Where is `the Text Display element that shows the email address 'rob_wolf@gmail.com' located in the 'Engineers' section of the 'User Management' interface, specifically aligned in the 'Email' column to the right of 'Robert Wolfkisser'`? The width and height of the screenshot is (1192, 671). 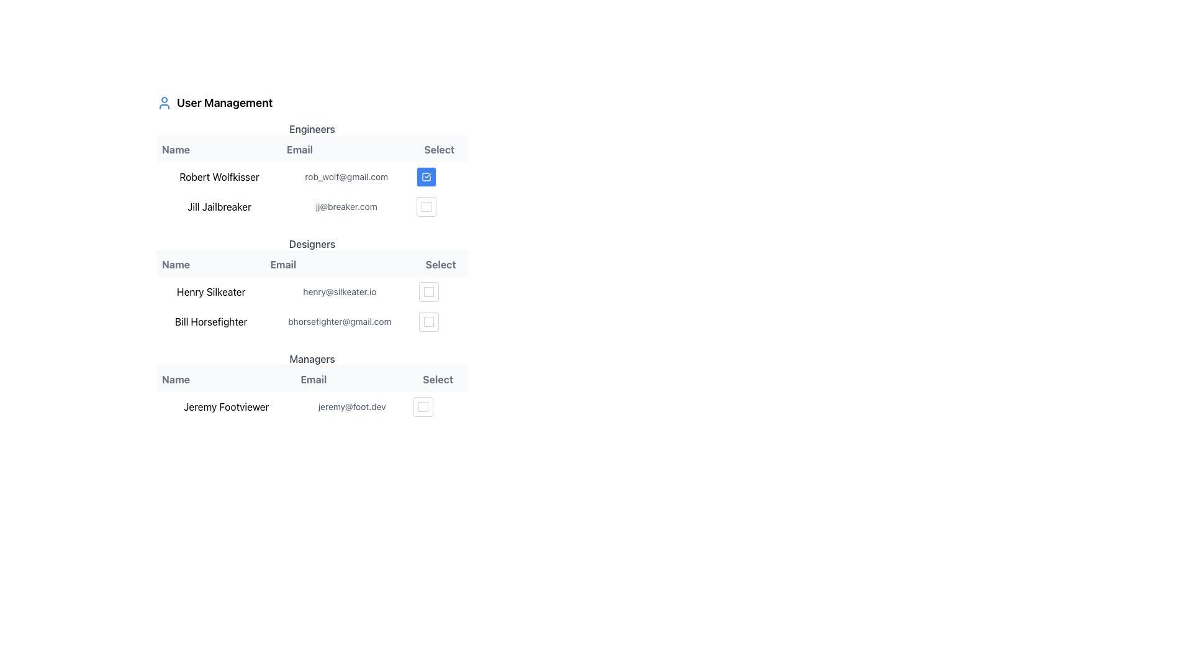
the Text Display element that shows the email address 'rob_wolf@gmail.com' located in the 'Engineers' section of the 'User Management' interface, specifically aligned in the 'Email' column to the right of 'Robert Wolfkisser' is located at coordinates (346, 177).